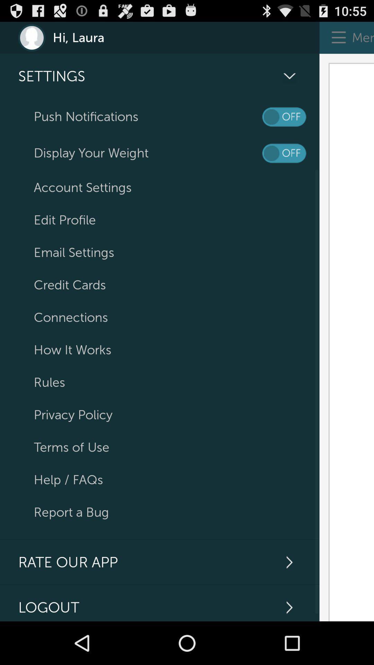 Image resolution: width=374 pixels, height=665 pixels. I want to click on on/off notifications, so click(284, 117).